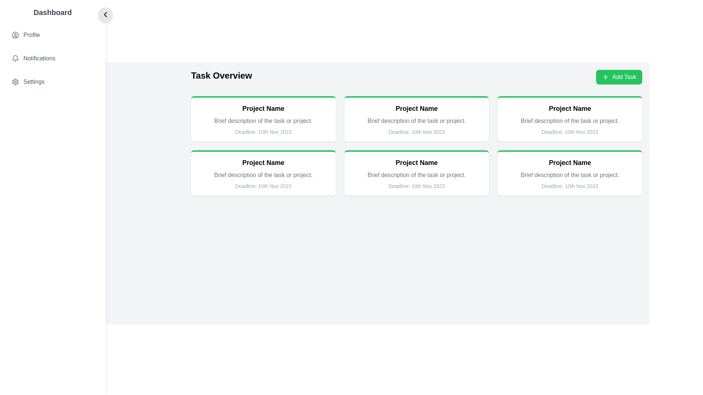  What do you see at coordinates (416, 186) in the screenshot?
I see `the text label displaying 'Deadline: 10th Nov 2023' located in the fourth card of the second row in the task overview grid` at bounding box center [416, 186].